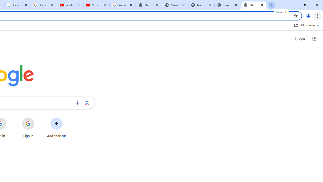 The image size is (323, 182). What do you see at coordinates (254, 5) in the screenshot?
I see `'New Tab'` at bounding box center [254, 5].